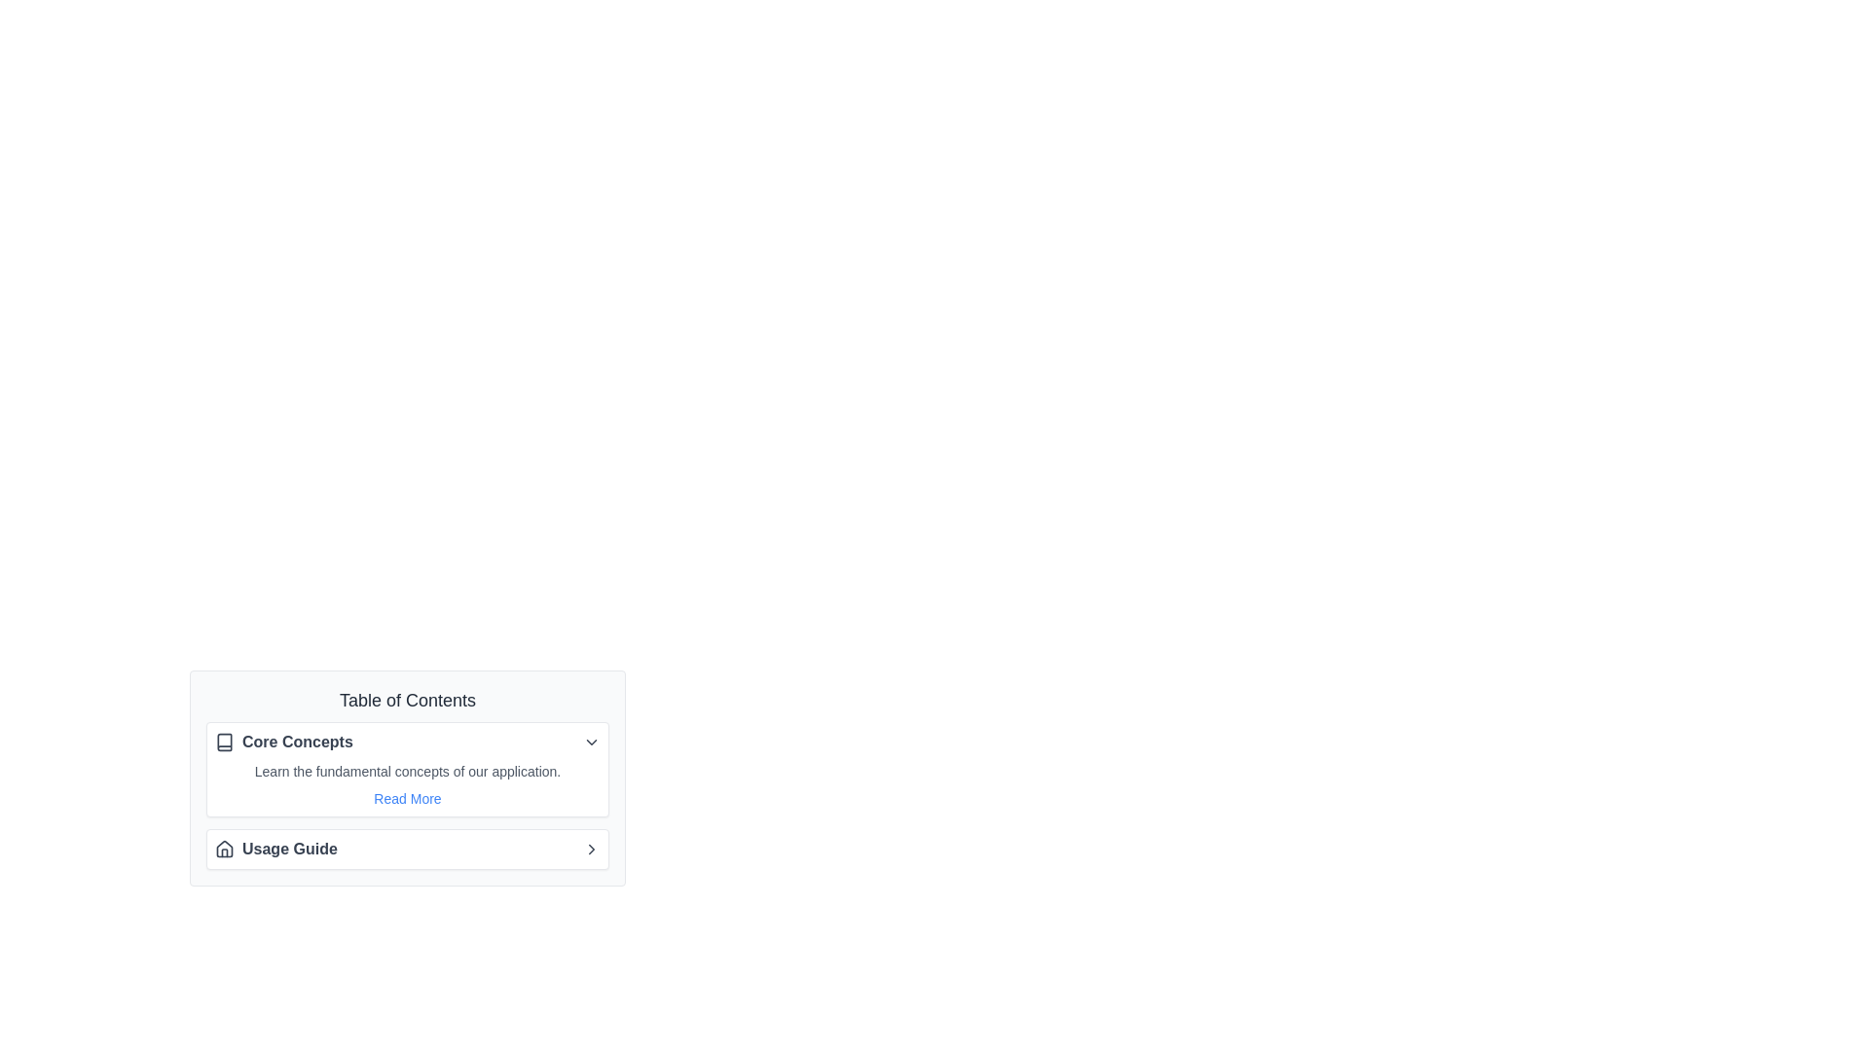 The image size is (1869, 1051). I want to click on the house icon located to the left of the 'Usage Guide' text in the 'Table of Contents' section, so click(224, 848).